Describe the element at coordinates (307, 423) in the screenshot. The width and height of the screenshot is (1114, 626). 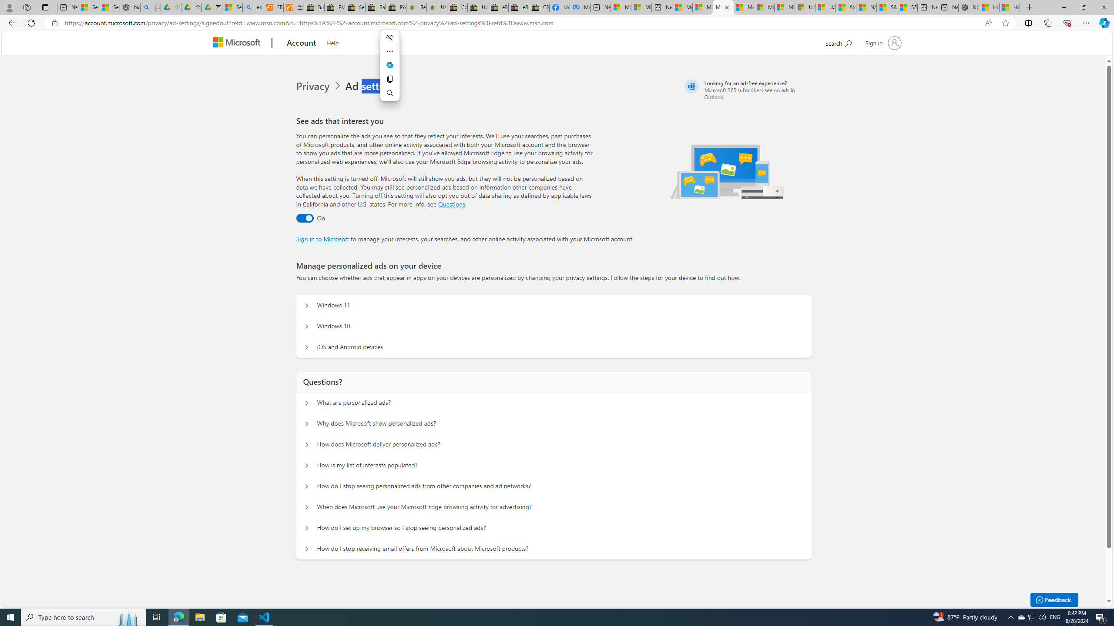
I see `'Questions? Why does Microsoft show personalized ads?'` at that location.